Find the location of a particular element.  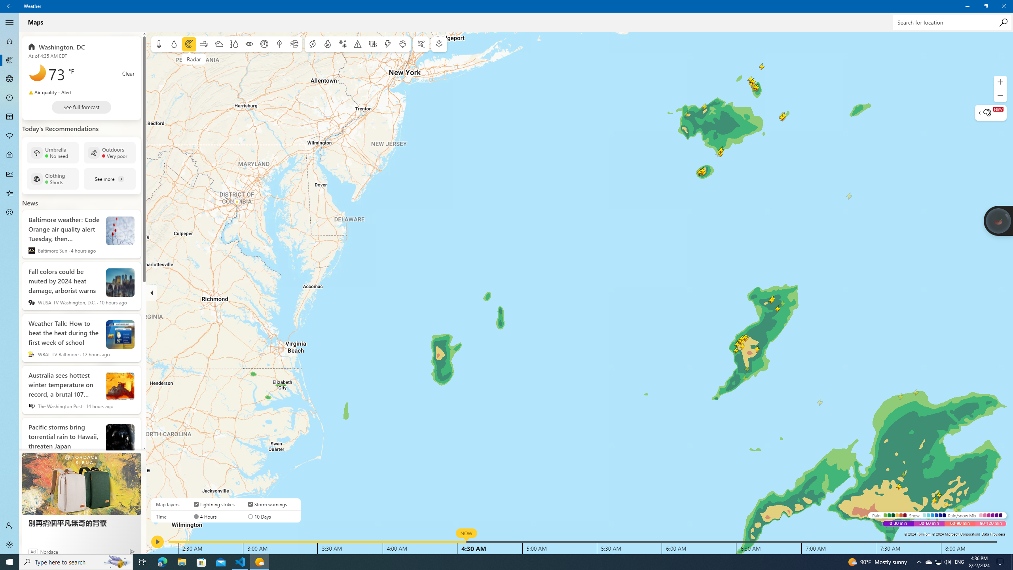

'Historical Weather - Not Selected' is located at coordinates (9, 173).